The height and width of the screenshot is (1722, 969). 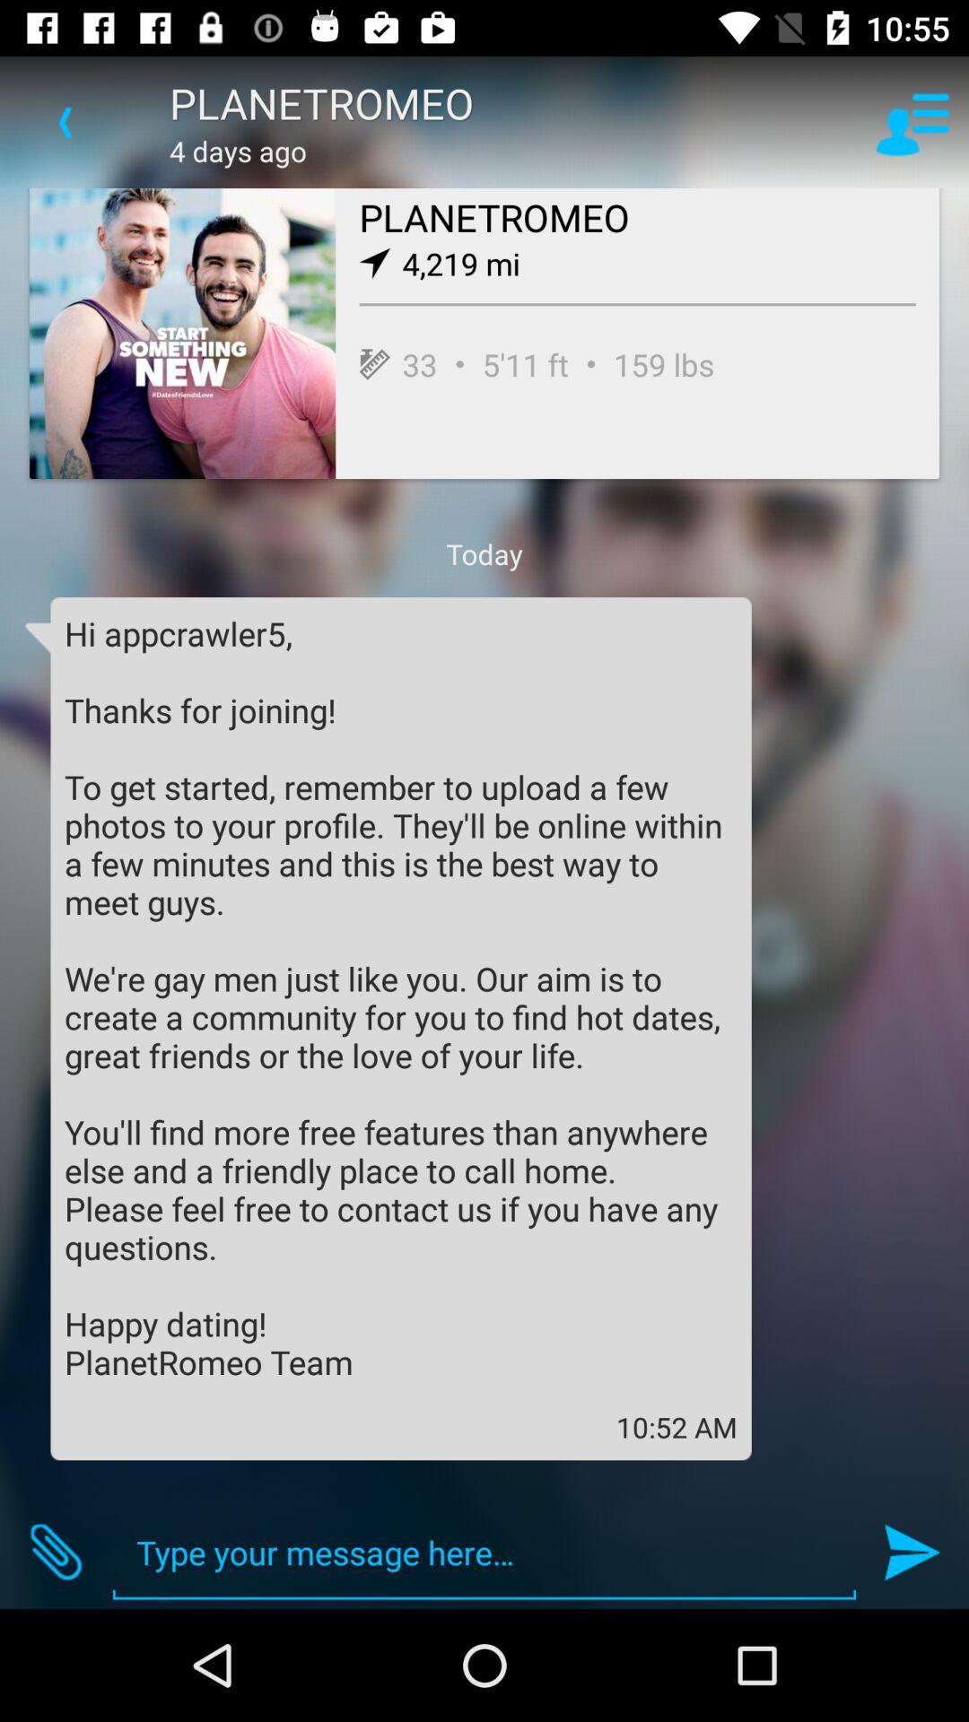 I want to click on item to the right of planetromeo icon, so click(x=912, y=121).